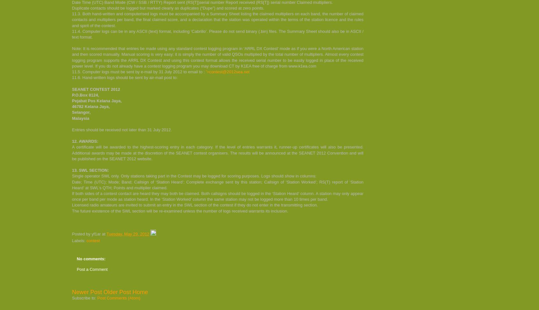 The height and width of the screenshot is (310, 539). What do you see at coordinates (97, 297) in the screenshot?
I see `'Post Comments (Atom)'` at bounding box center [97, 297].